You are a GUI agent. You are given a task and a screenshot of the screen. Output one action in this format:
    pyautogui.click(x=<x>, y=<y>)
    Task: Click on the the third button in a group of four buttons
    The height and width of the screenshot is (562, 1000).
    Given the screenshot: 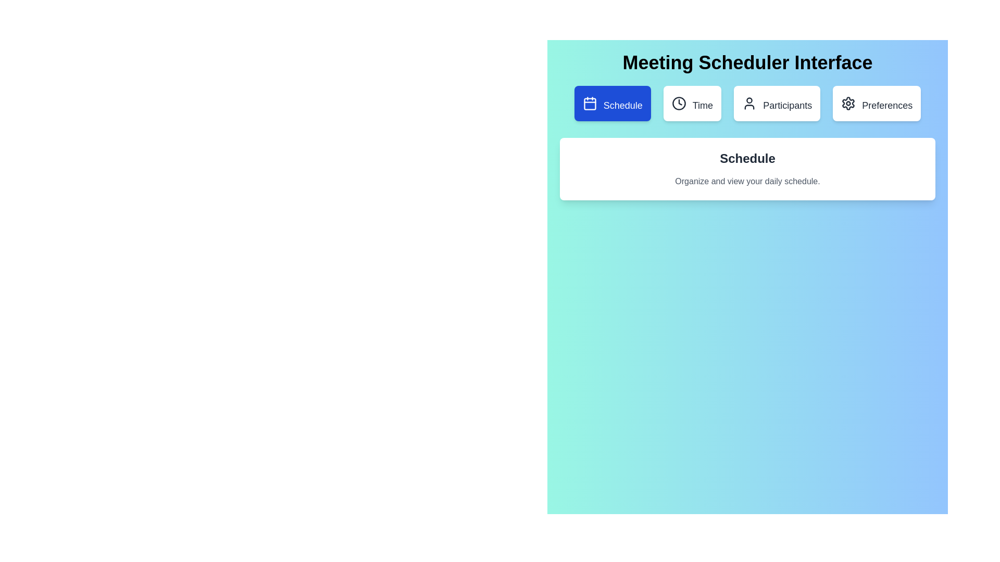 What is the action you would take?
    pyautogui.click(x=777, y=104)
    